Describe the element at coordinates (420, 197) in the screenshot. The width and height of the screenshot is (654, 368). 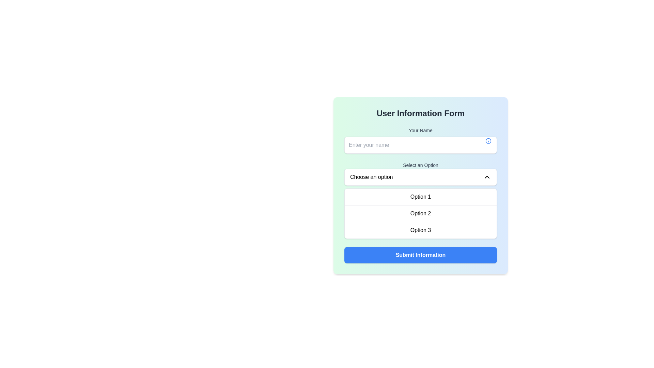
I see `the dropdown item labeled 'Option 1'` at that location.